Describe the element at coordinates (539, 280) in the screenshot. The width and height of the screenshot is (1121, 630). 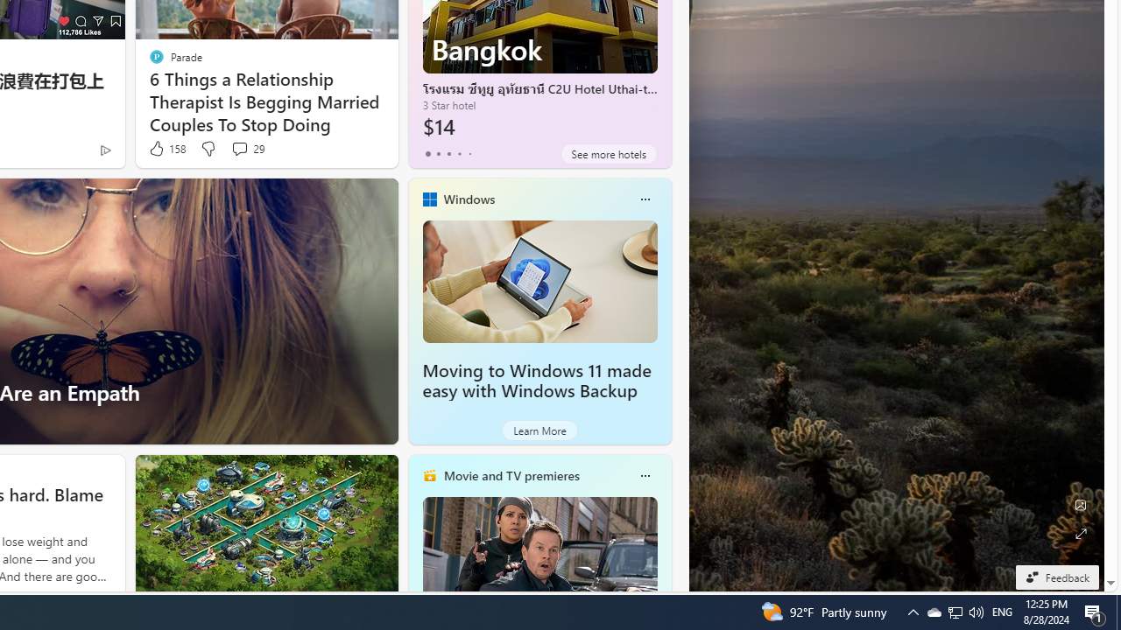
I see `'Moving to Windows 11 made easy with Windows Backup'` at that location.